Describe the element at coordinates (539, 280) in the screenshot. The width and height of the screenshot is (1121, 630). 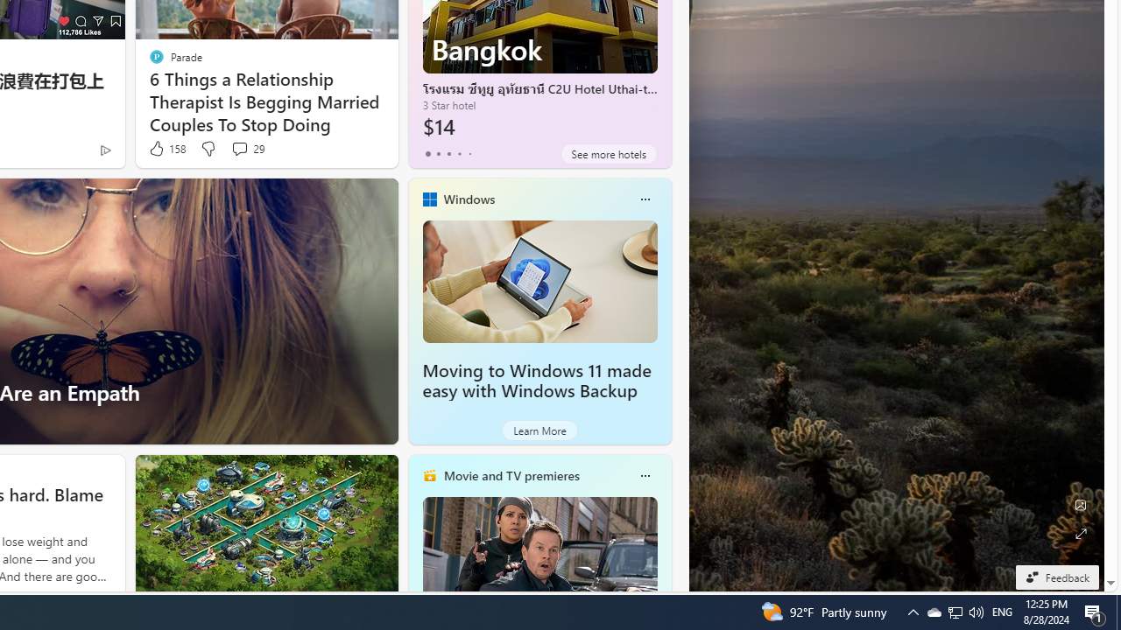
I see `'Moving to Windows 11 made easy with Windows Backup'` at that location.